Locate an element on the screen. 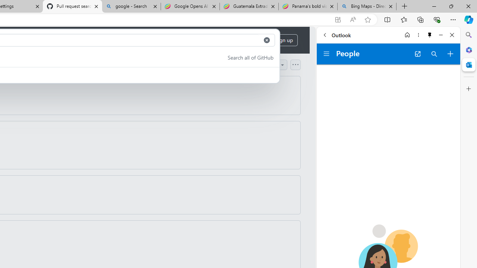  'Create new contact' is located at coordinates (450, 54).